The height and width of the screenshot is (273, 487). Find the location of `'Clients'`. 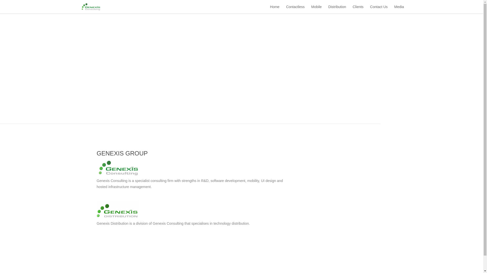

'Clients' is located at coordinates (358, 9).